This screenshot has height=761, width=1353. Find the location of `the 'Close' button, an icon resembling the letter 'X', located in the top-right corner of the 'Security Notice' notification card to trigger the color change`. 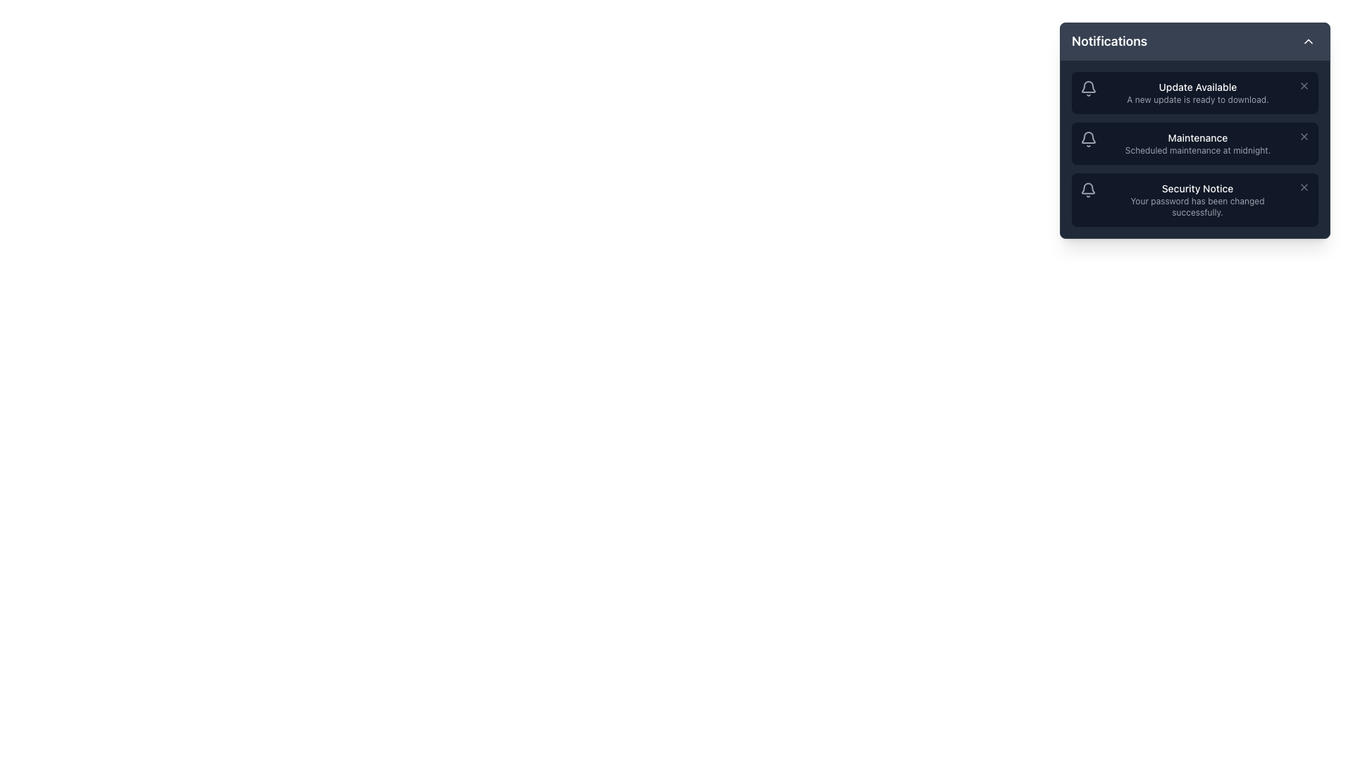

the 'Close' button, an icon resembling the letter 'X', located in the top-right corner of the 'Security Notice' notification card to trigger the color change is located at coordinates (1304, 187).